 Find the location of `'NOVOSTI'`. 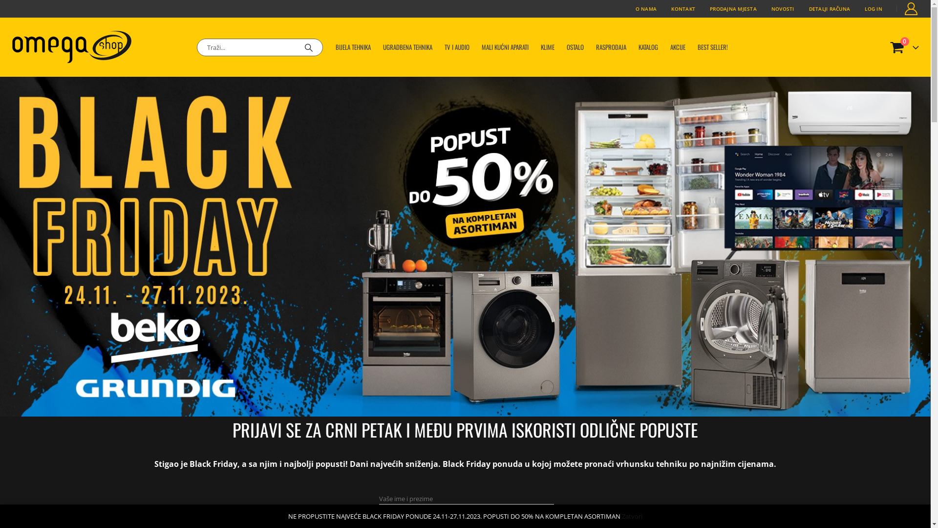

'NOVOSTI' is located at coordinates (764, 9).